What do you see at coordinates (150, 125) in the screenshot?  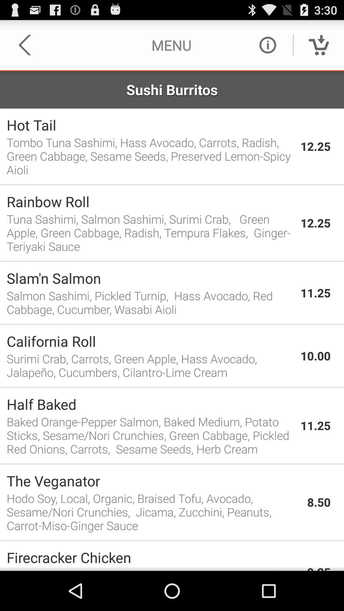 I see `the app next to the 12.25` at bounding box center [150, 125].